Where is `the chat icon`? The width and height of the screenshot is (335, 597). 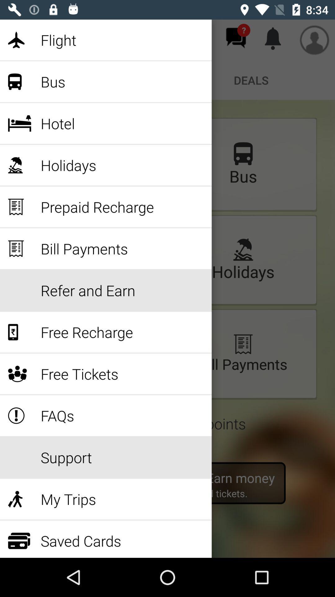
the chat icon is located at coordinates (236, 38).